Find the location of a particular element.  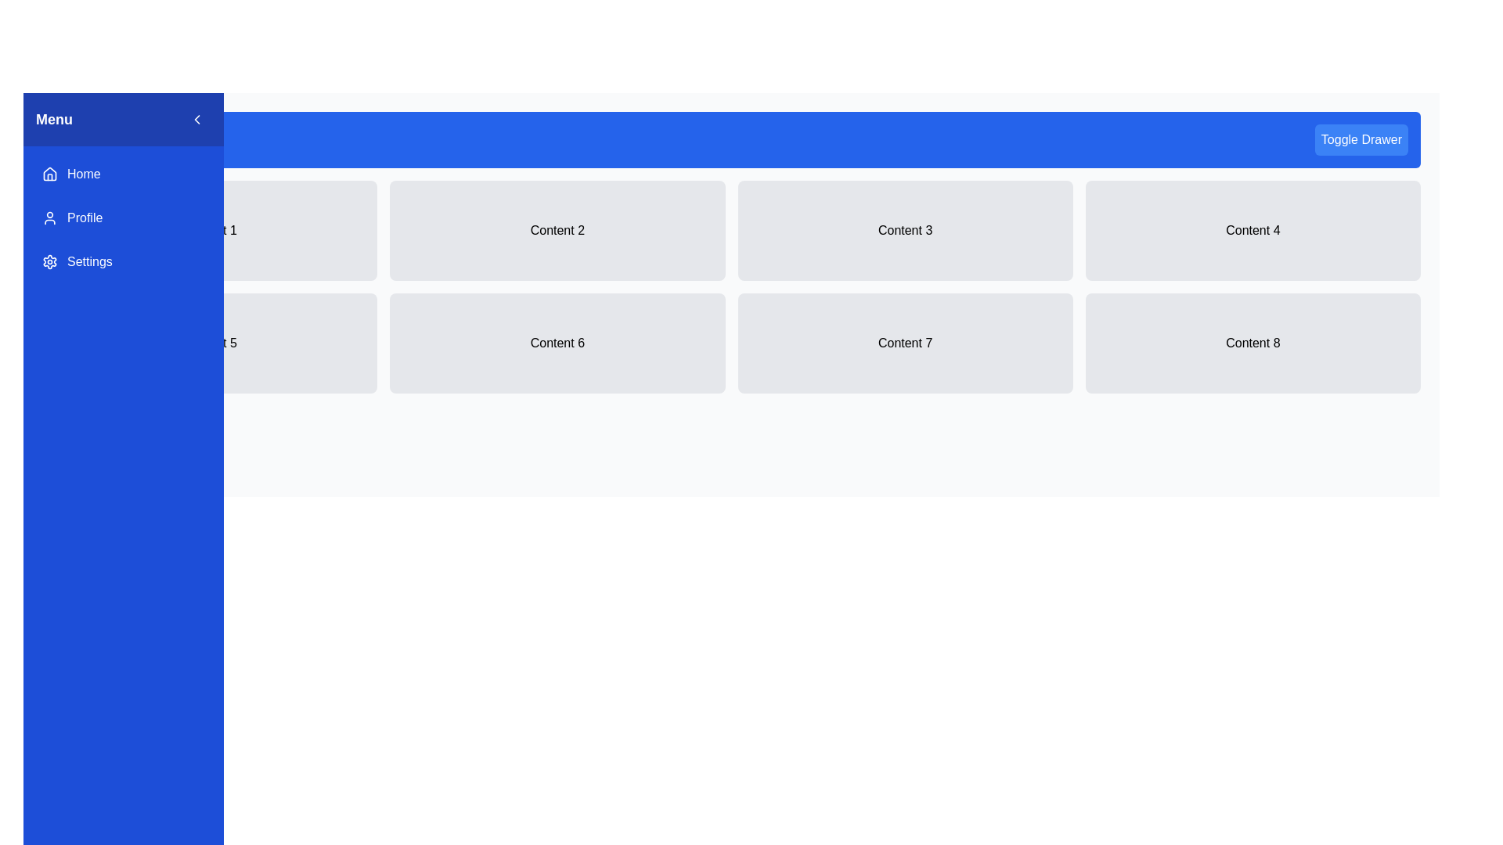

the graphical details of the home icon located in the left sidebar menu, adjacent to the 'Home' label is located at coordinates (49, 174).